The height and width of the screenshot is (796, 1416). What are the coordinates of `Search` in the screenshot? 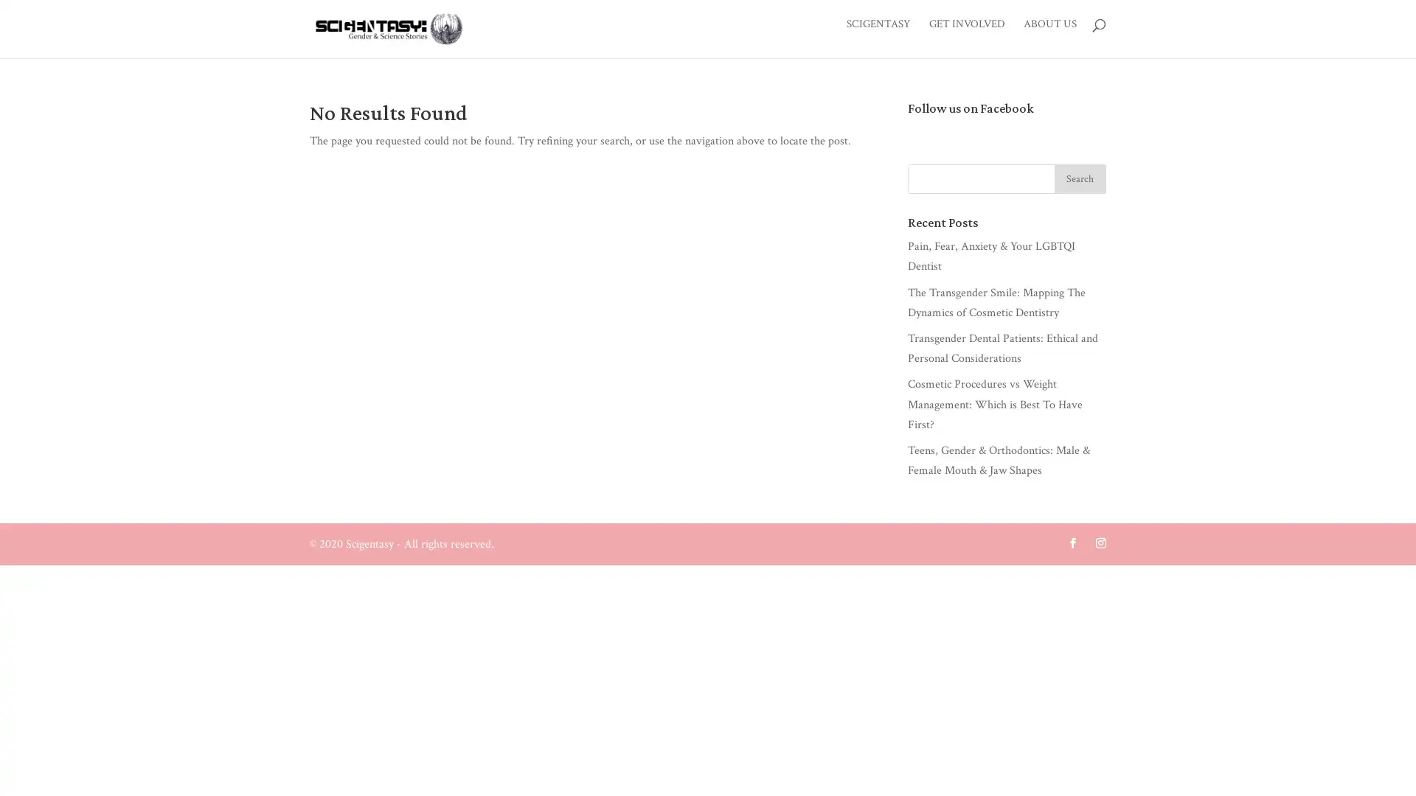 It's located at (1080, 181).